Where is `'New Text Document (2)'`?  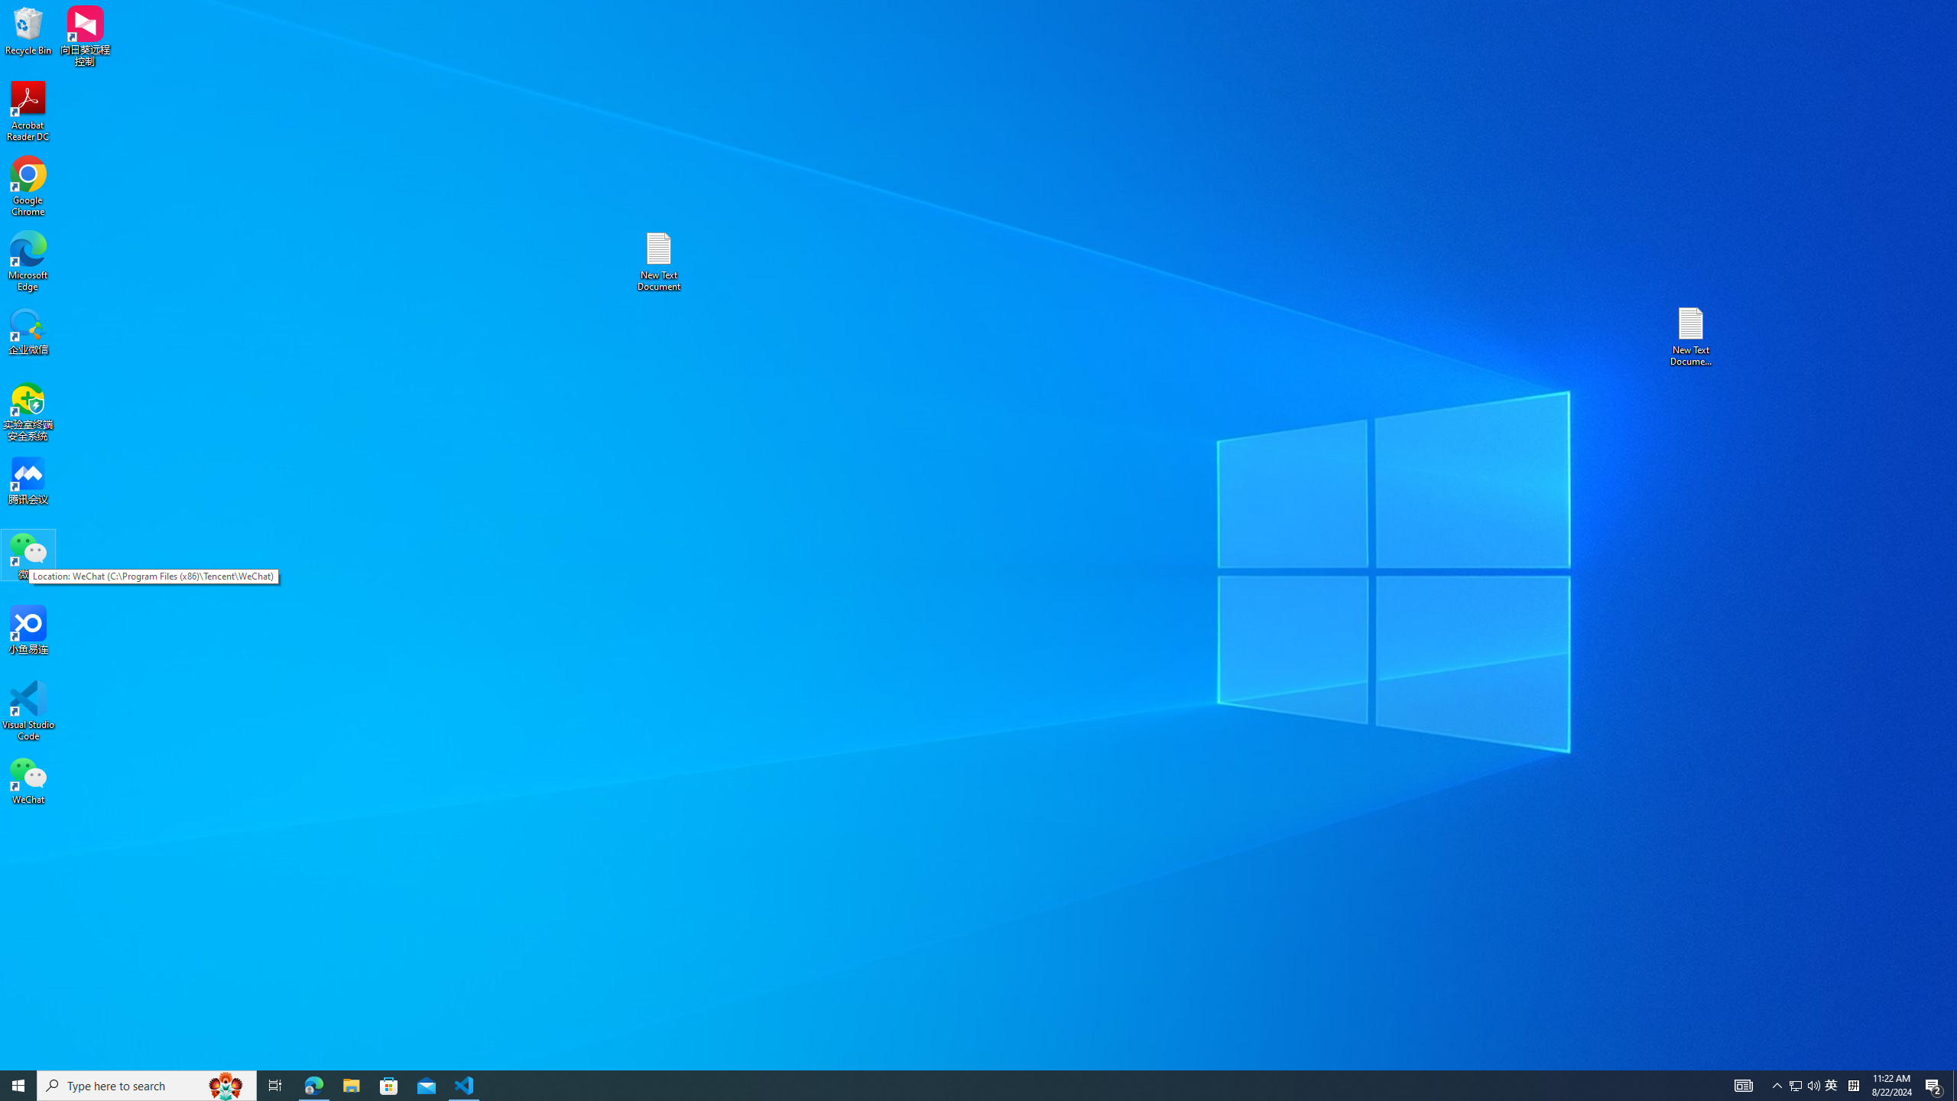
'New Text Document (2)' is located at coordinates (1692, 335).